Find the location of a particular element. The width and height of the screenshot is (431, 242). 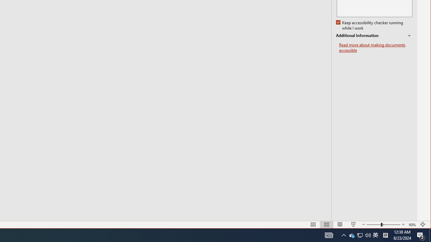

'Read more about making documents accessible' is located at coordinates (375, 47).